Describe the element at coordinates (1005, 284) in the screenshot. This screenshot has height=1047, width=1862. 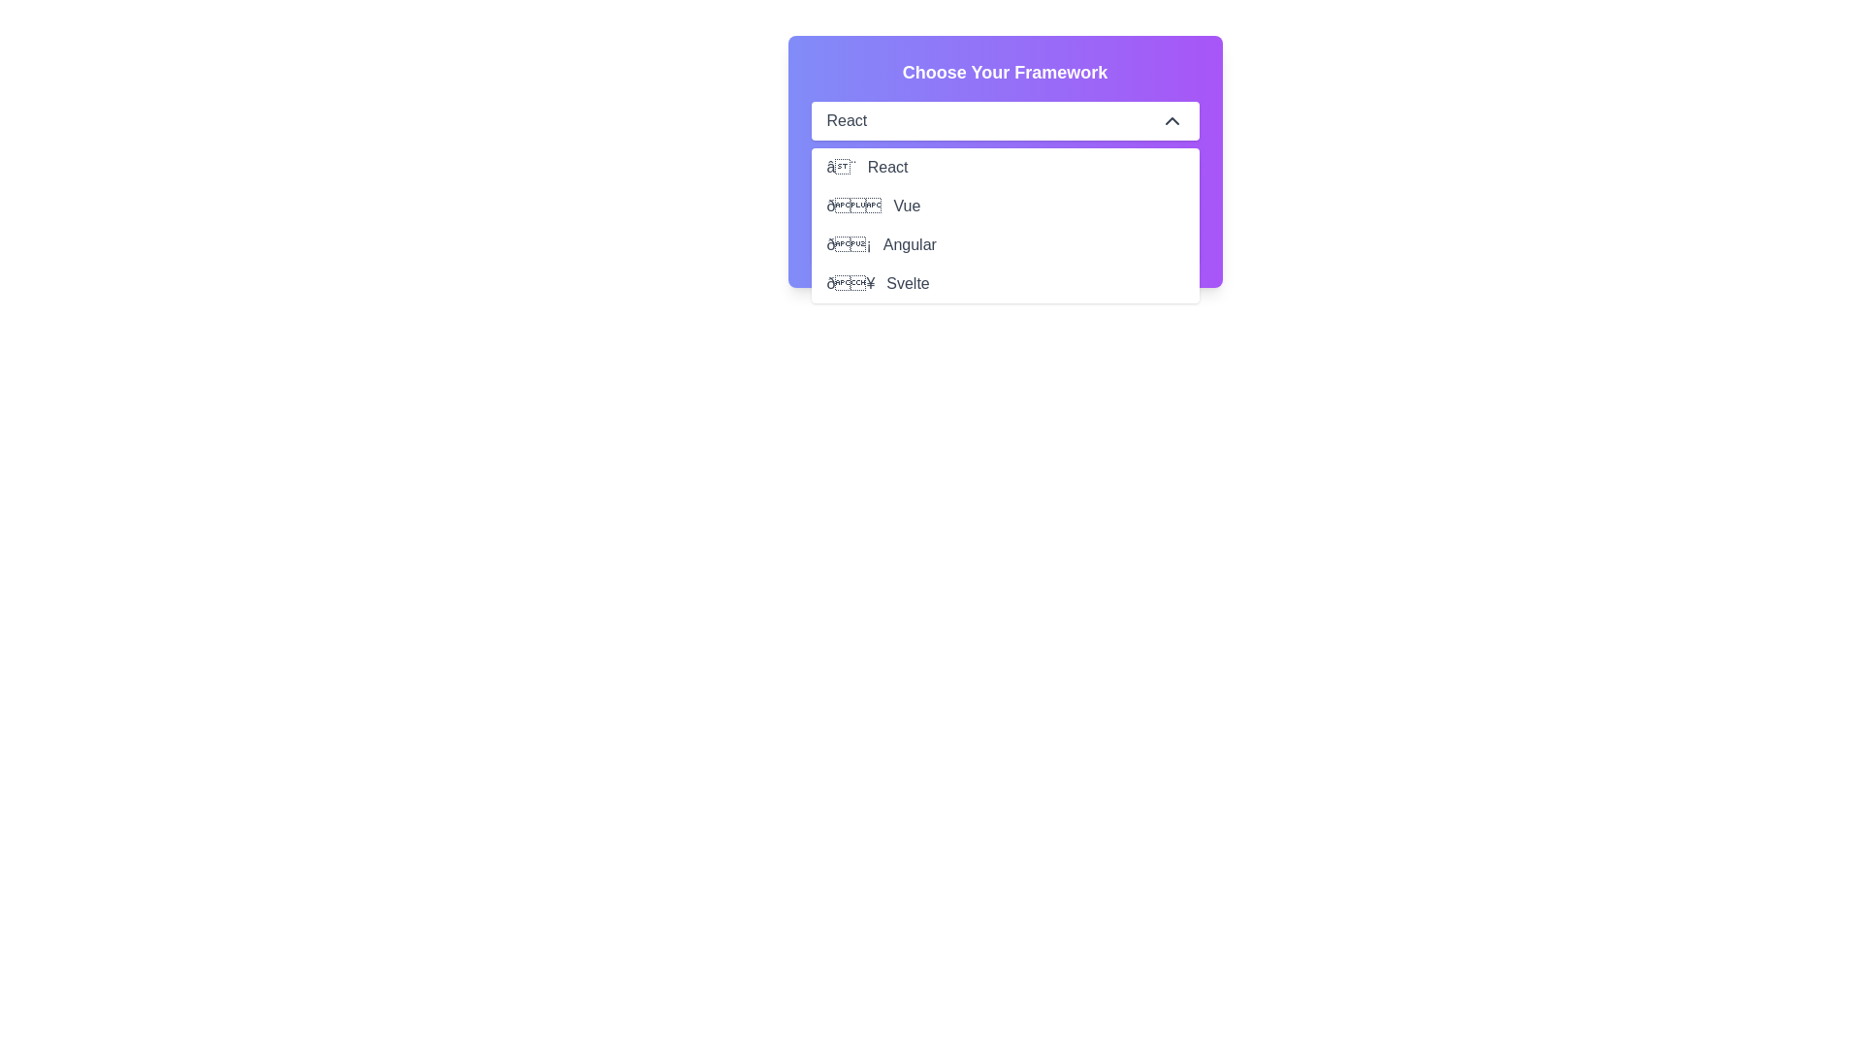
I see `the fourth dropdown menu item labeled 'Svelte' in the 'Choose Your Framework' dropdown` at that location.